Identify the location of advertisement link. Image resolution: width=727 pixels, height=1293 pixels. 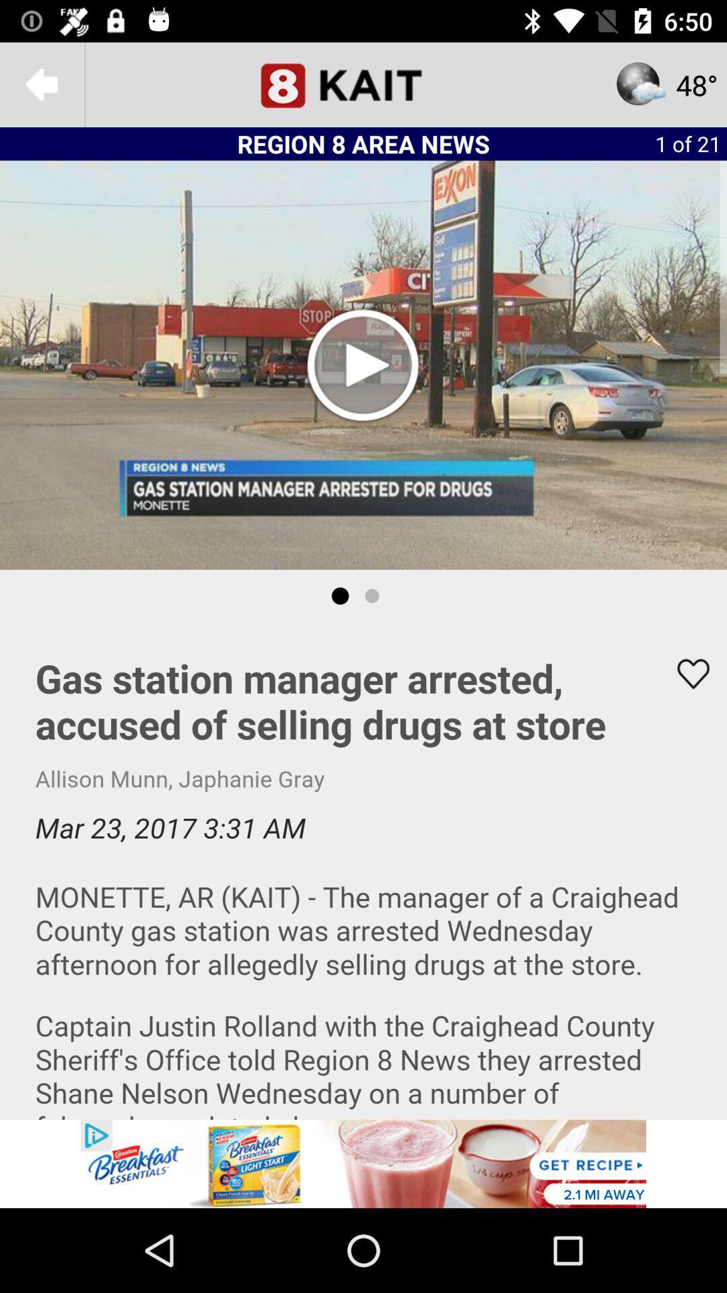
(363, 1163).